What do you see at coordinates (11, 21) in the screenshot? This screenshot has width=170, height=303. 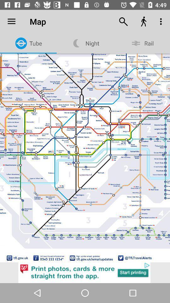 I see `the item to the left of tube icon` at bounding box center [11, 21].